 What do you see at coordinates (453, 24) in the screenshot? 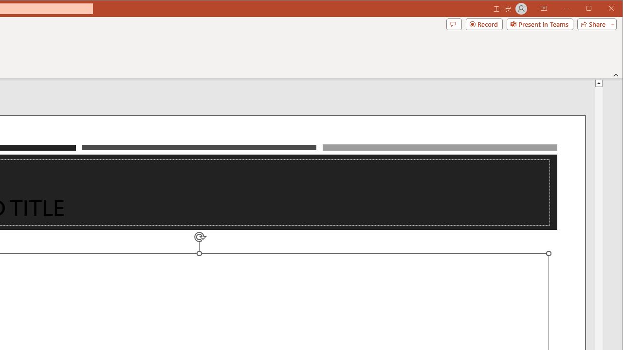
I see `'Comments'` at bounding box center [453, 24].